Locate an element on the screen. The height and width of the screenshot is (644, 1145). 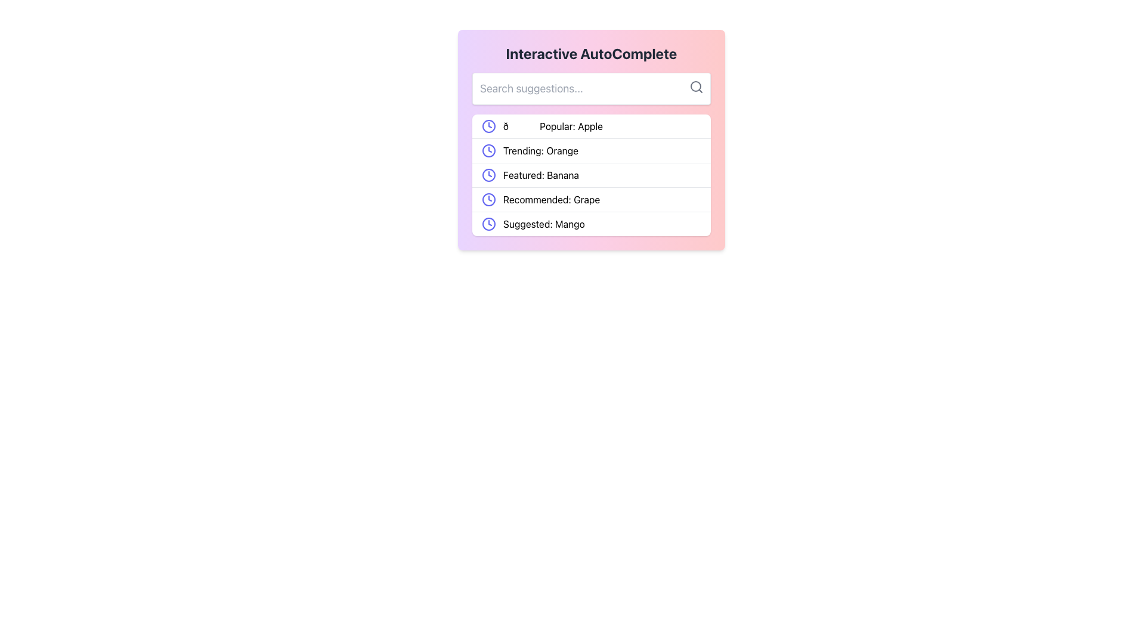
the circular outline of the clock icon located to the left of the text 'Trending: Orange' in the second row of a list of items is located at coordinates (489, 150).